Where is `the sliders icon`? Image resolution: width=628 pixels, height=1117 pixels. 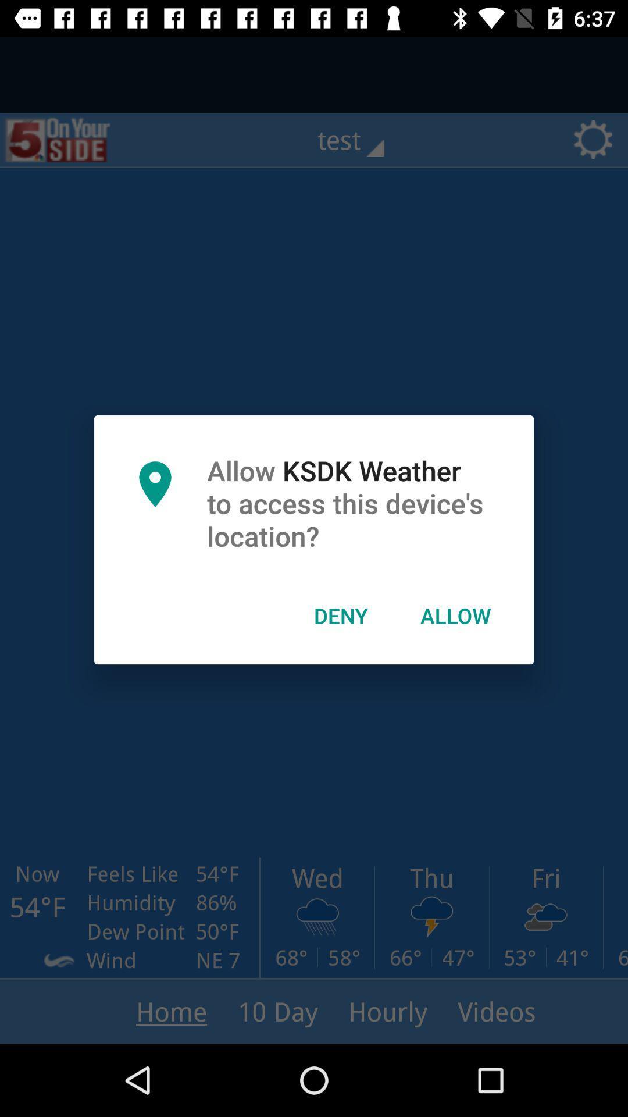 the sliders icon is located at coordinates (76, 140).